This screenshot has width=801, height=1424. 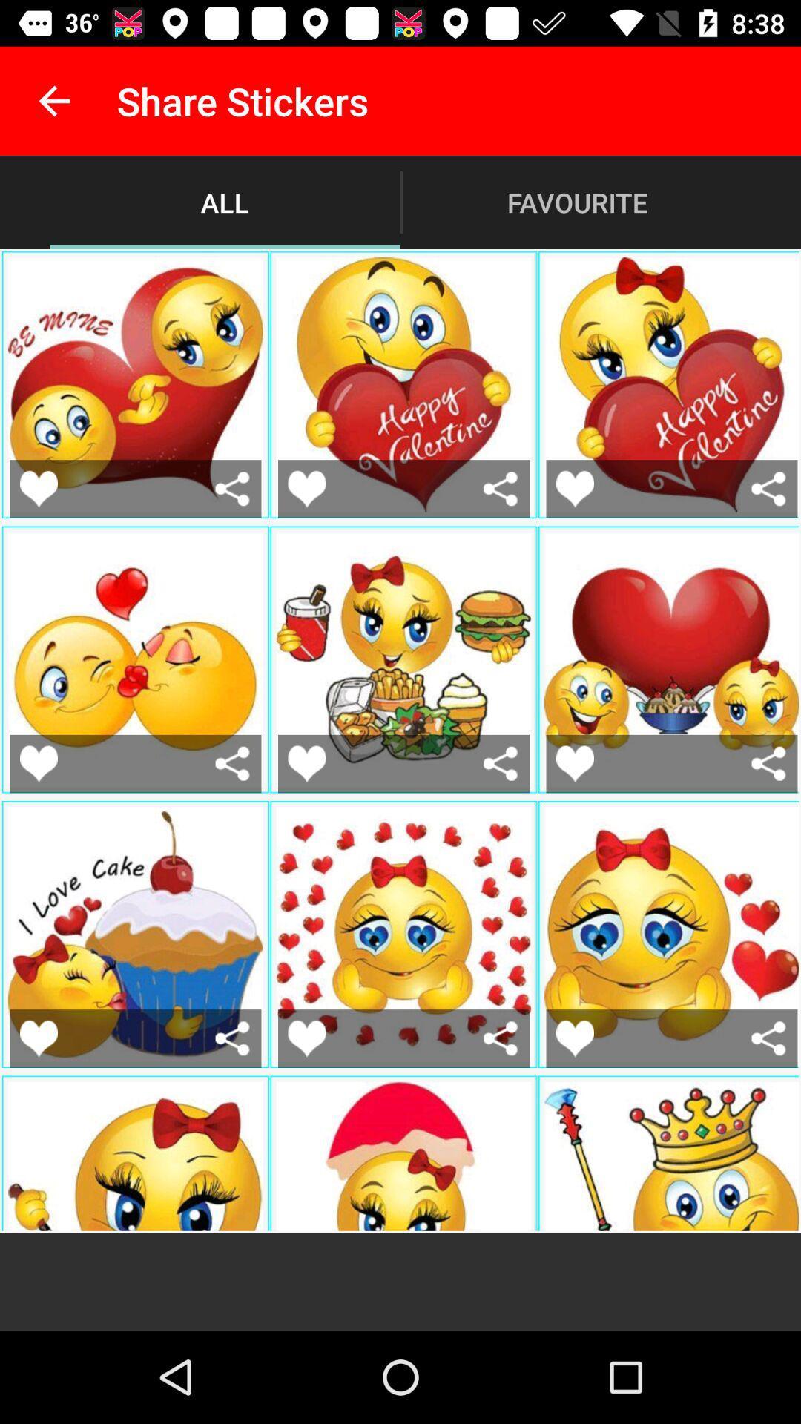 I want to click on choose favorite sticker, so click(x=38, y=763).